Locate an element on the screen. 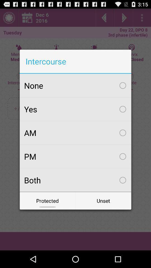 Image resolution: width=151 pixels, height=268 pixels. item above the am checkbox is located at coordinates (75, 109).